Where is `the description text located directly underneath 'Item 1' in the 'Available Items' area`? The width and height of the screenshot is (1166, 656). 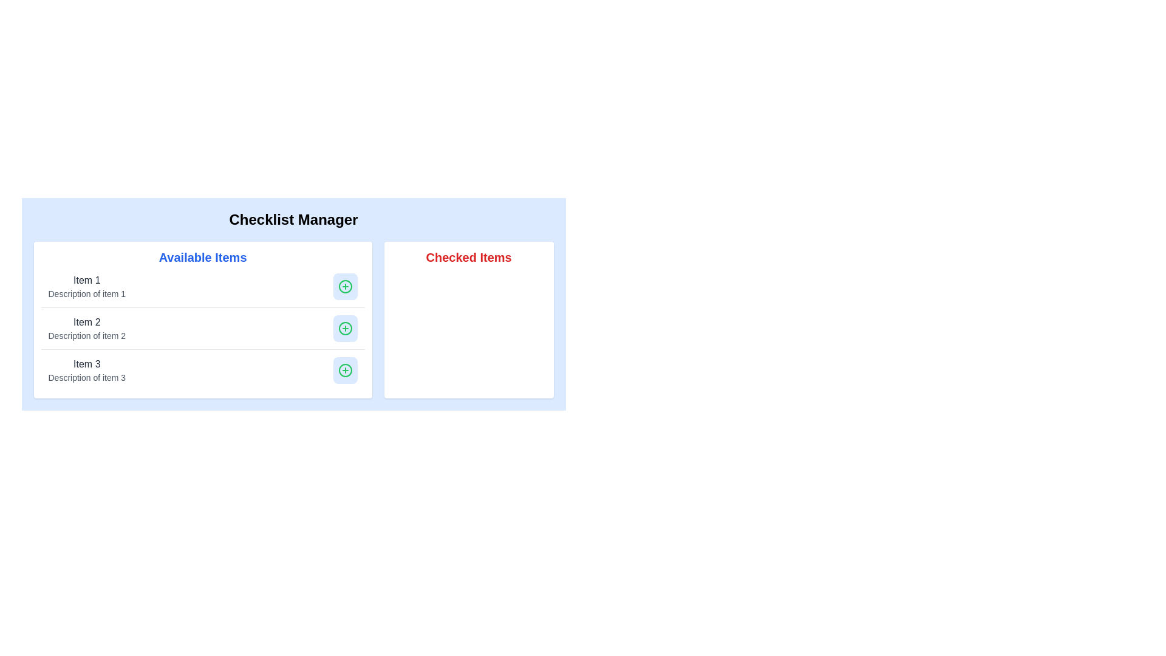 the description text located directly underneath 'Item 1' in the 'Available Items' area is located at coordinates (86, 293).